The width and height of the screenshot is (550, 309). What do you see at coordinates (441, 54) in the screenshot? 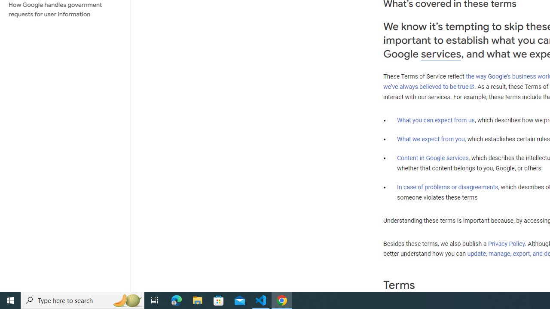
I see `'services'` at bounding box center [441, 54].